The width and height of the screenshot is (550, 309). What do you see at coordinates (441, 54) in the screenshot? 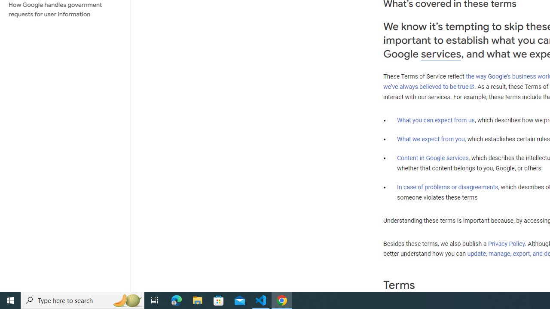
I see `'services'` at bounding box center [441, 54].